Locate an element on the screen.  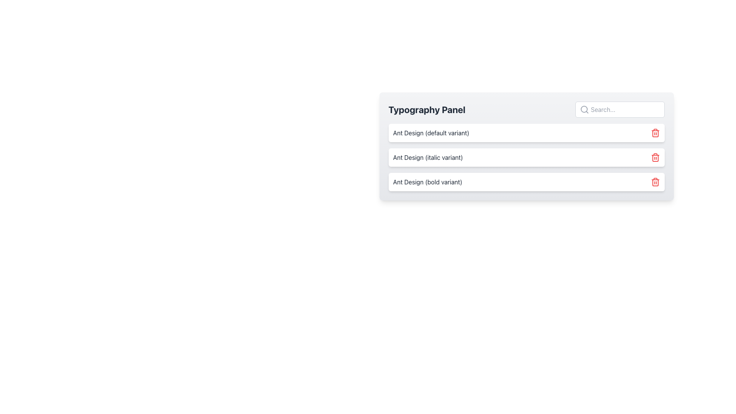
text content of the left-aligned text label displaying 'Ant Design (bold variant)' in dark gray, located in the Typography Panel below the italic variant is located at coordinates (427, 182).